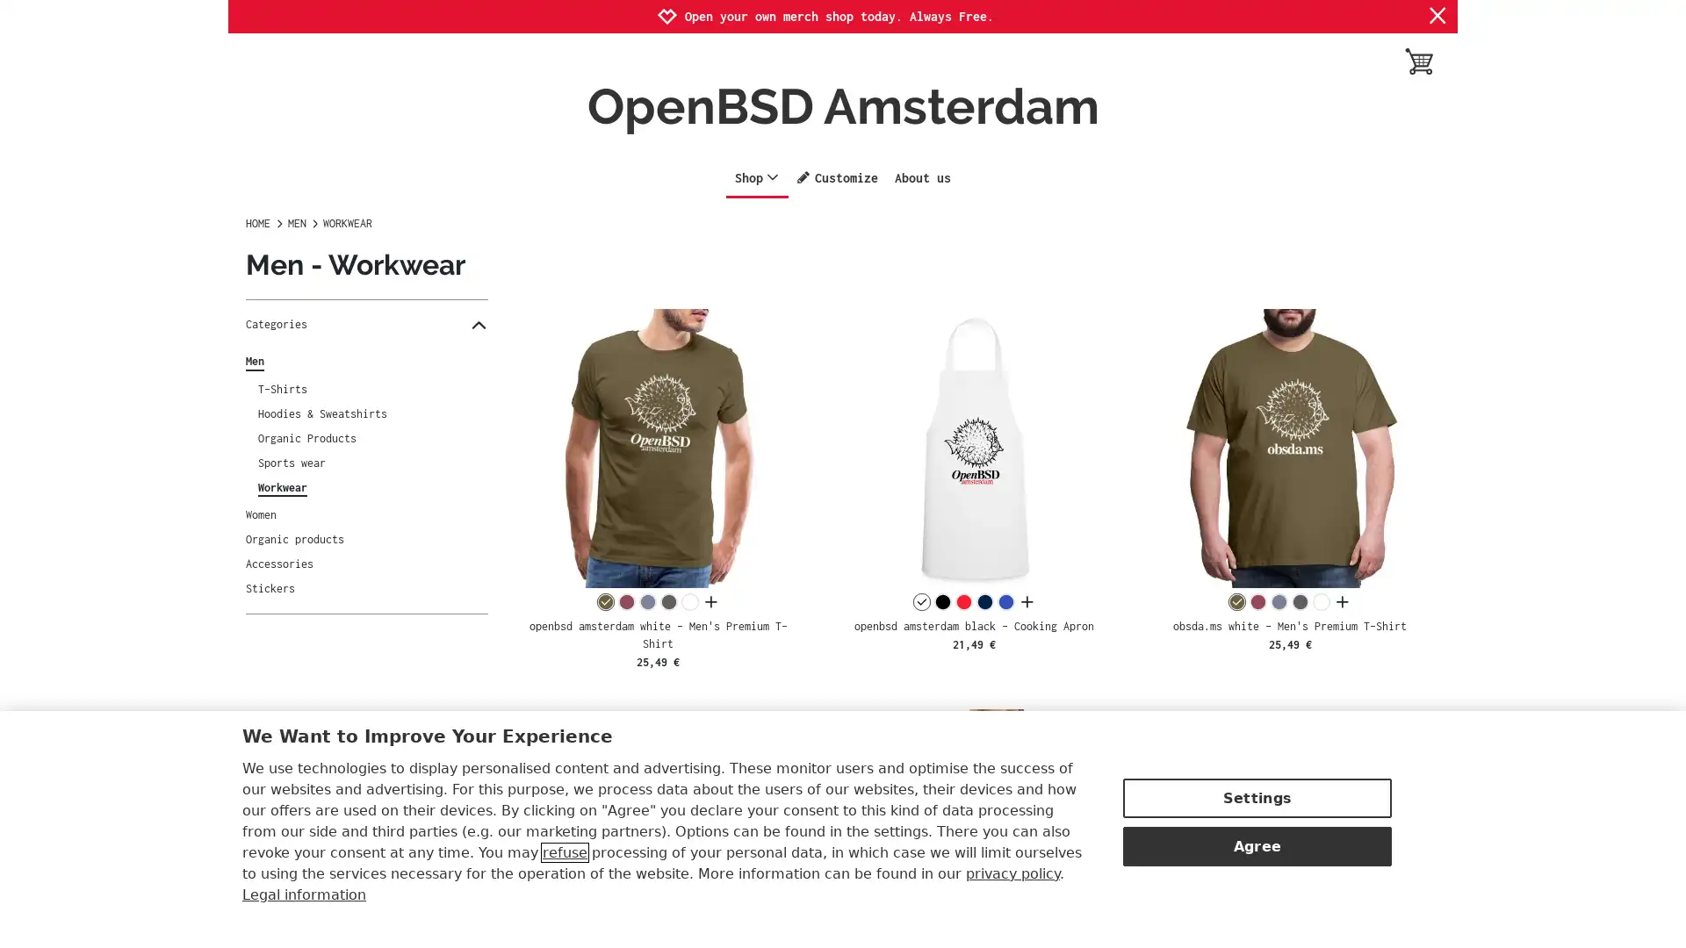 The width and height of the screenshot is (1686, 948). Describe the element at coordinates (1279, 601) in the screenshot. I see `heather blue` at that location.